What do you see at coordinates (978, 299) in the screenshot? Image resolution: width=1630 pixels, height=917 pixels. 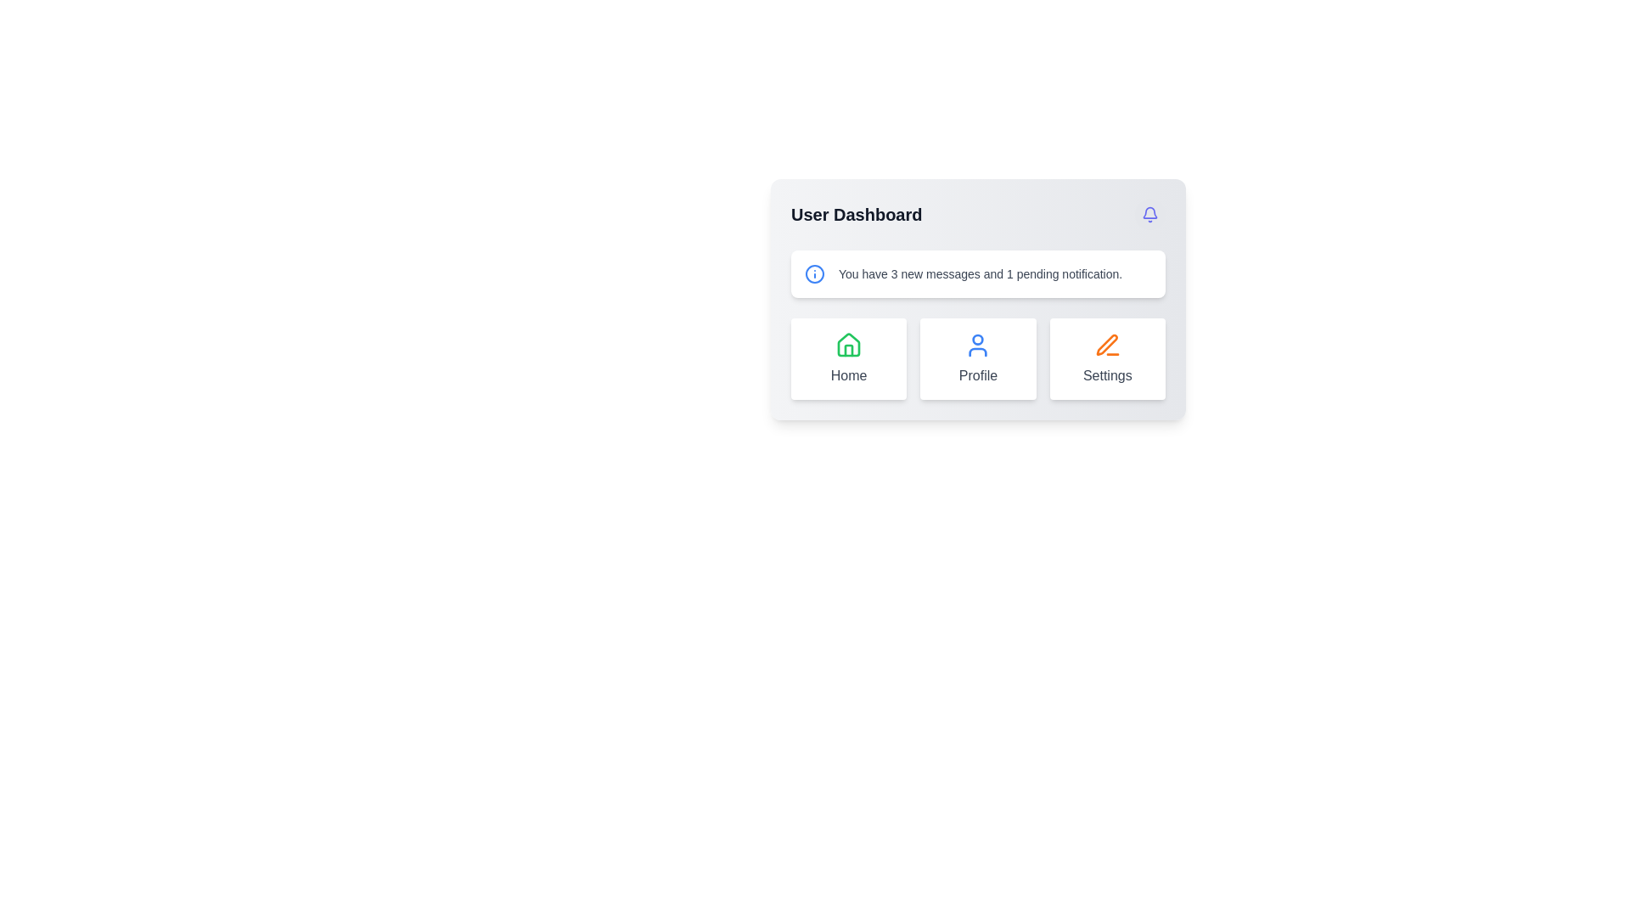 I see `the 'Profile' button located at the bottom of the User Dashboard card interface` at bounding box center [978, 299].